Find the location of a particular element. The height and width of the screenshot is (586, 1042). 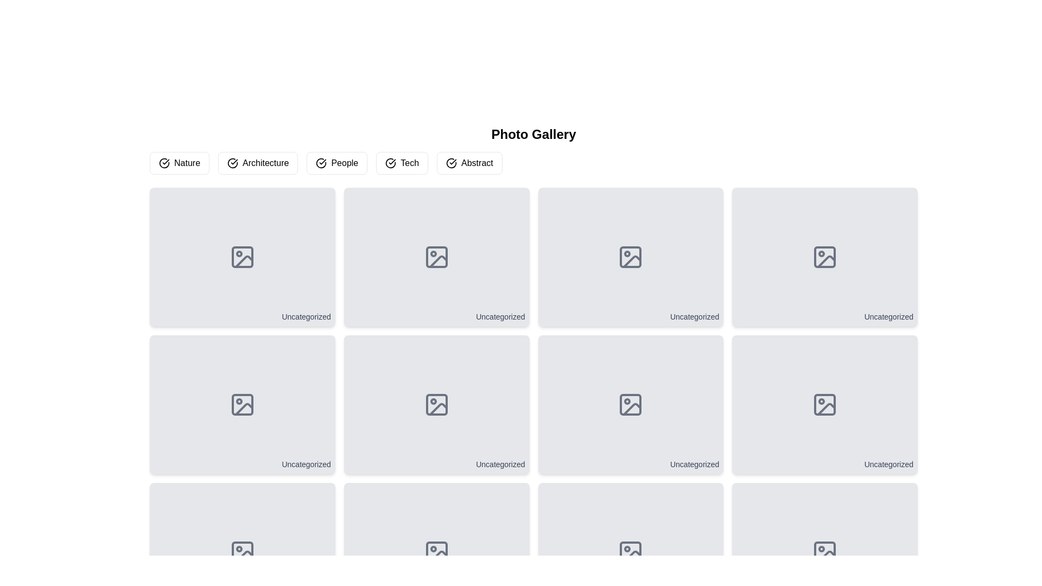

the rectangular image placeholder with a light gray background that contains an image symbol icon and the text 'Uncategorized' below it is located at coordinates (242, 257).